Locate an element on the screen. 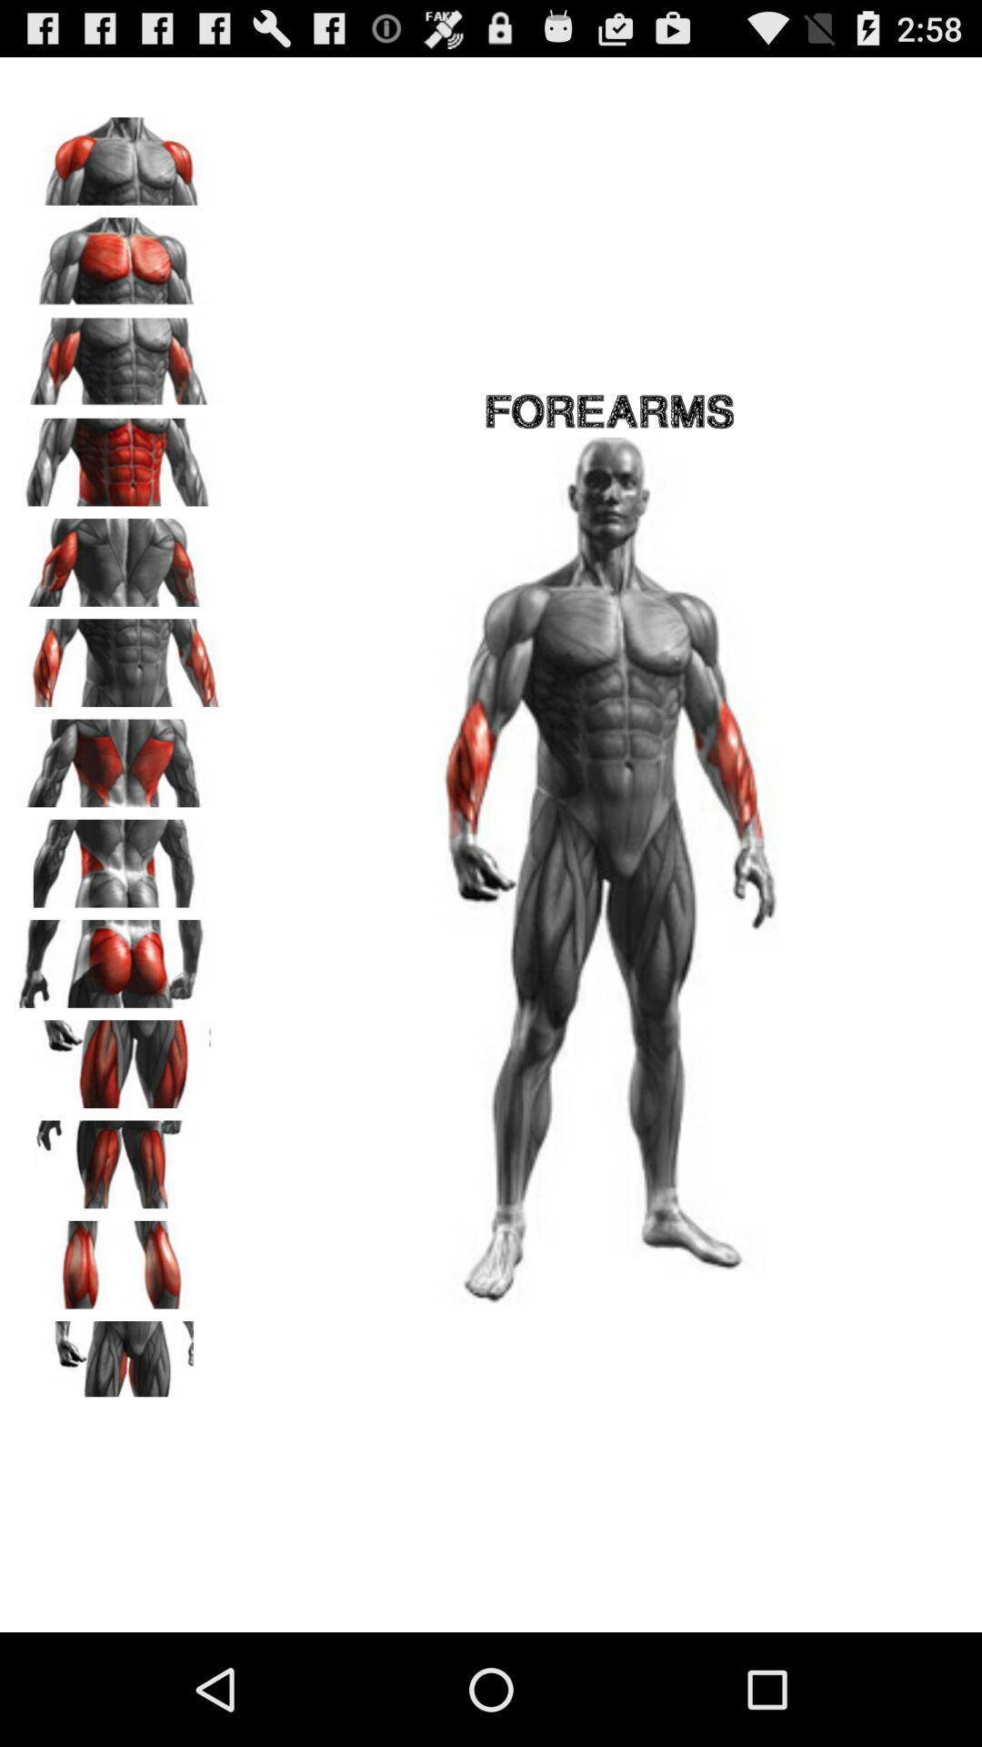 This screenshot has width=982, height=1747. zoom in on area is located at coordinates (119, 1257).